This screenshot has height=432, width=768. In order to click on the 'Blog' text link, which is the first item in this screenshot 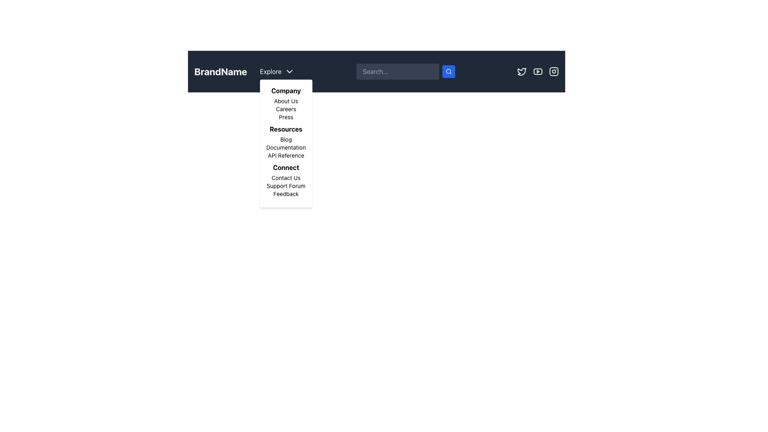, I will do `click(286, 139)`.